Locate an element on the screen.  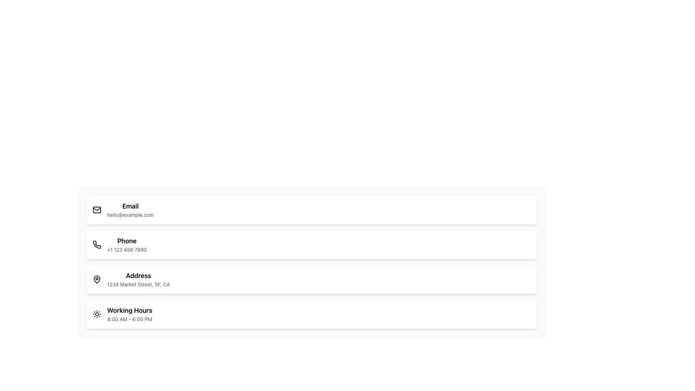
the circular pin-shaped icon representing a map pin, which is located to the left of the text labeled 'Address' in the itemized list is located at coordinates (97, 279).